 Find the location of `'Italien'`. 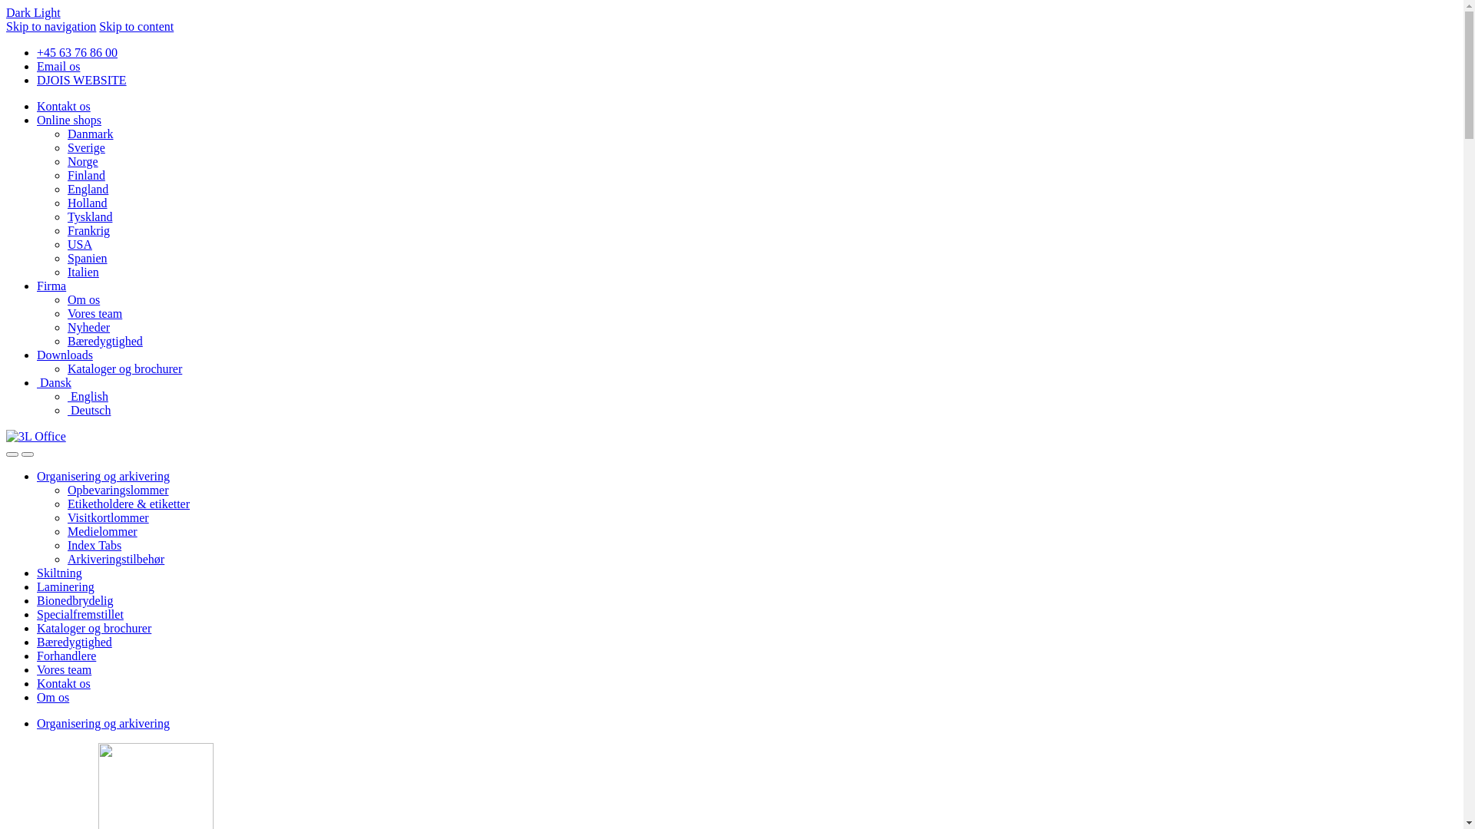

'Italien' is located at coordinates (82, 271).